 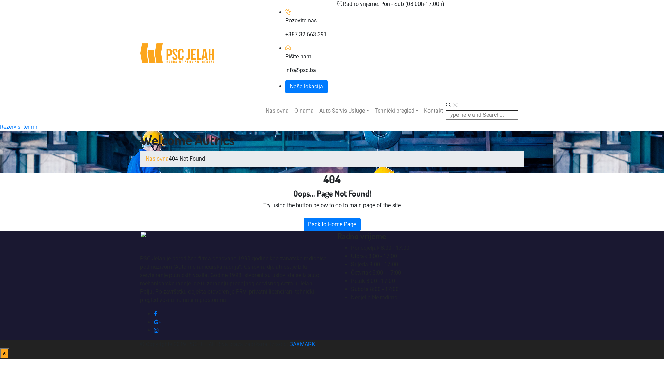 I want to click on 'O nama', so click(x=304, y=110).